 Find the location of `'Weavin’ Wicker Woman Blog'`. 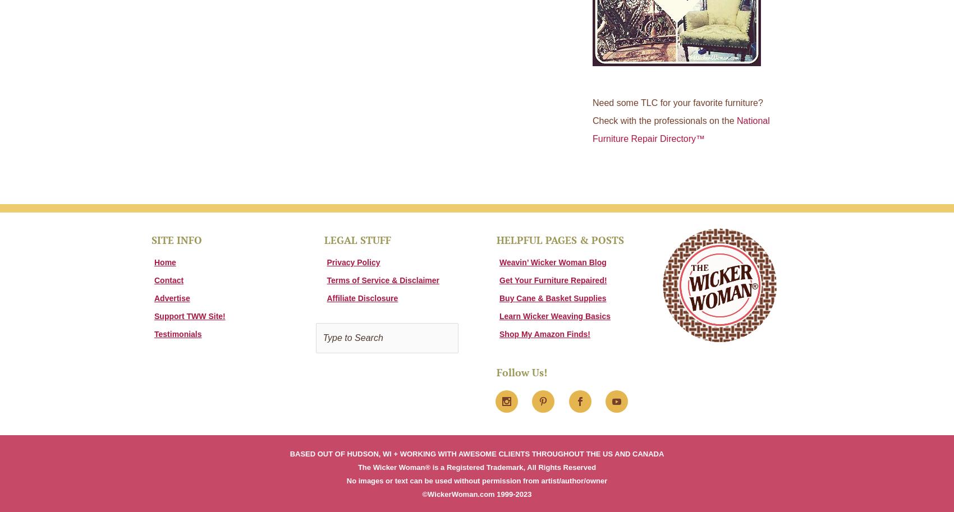

'Weavin’ Wicker Woman Blog' is located at coordinates (552, 261).